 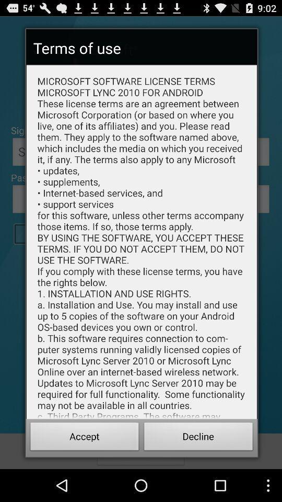 I want to click on item next to the decline button, so click(x=84, y=438).